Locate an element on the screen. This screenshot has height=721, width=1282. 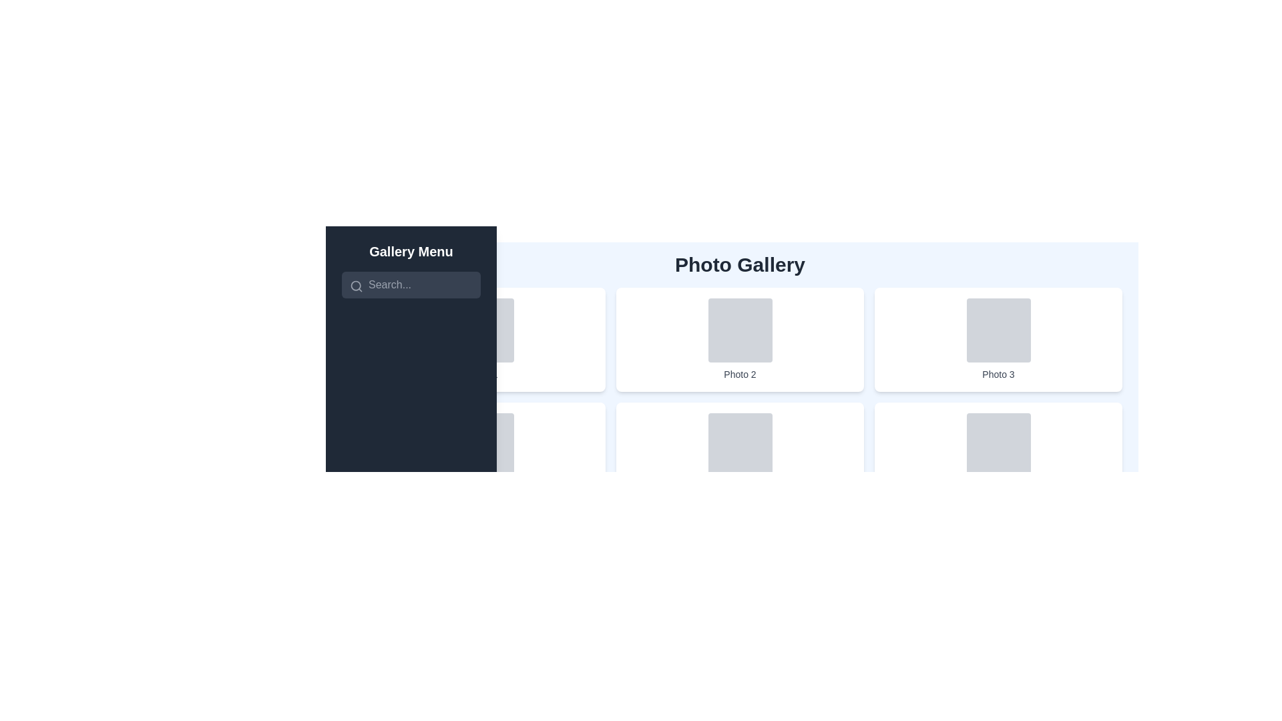
the search input field to focus it is located at coordinates (410, 284).